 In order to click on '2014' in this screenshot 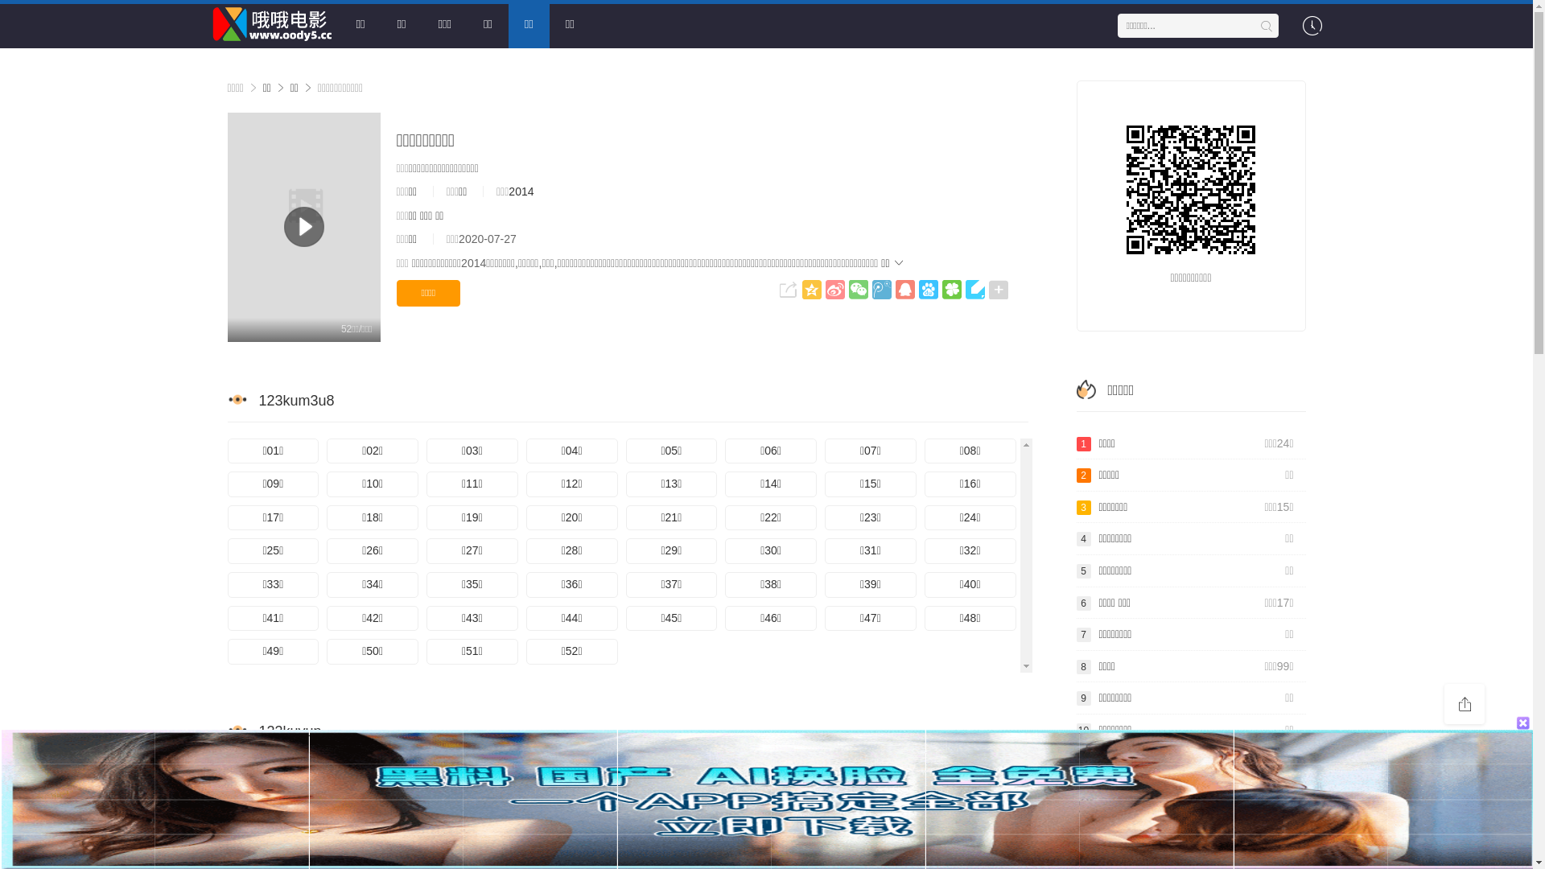, I will do `click(508, 191)`.